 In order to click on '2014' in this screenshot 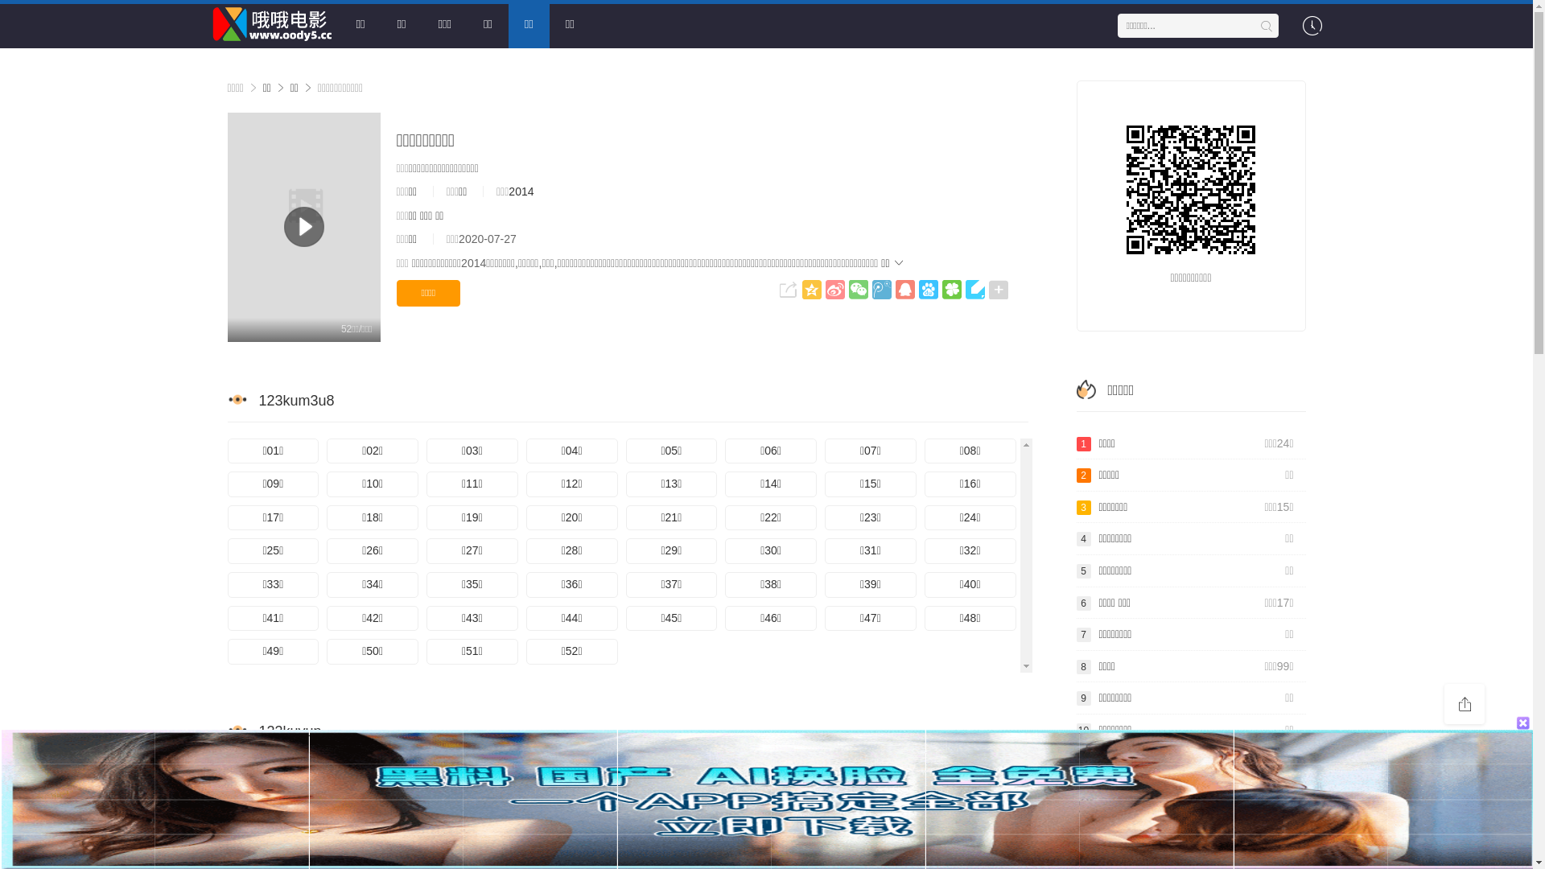, I will do `click(508, 191)`.